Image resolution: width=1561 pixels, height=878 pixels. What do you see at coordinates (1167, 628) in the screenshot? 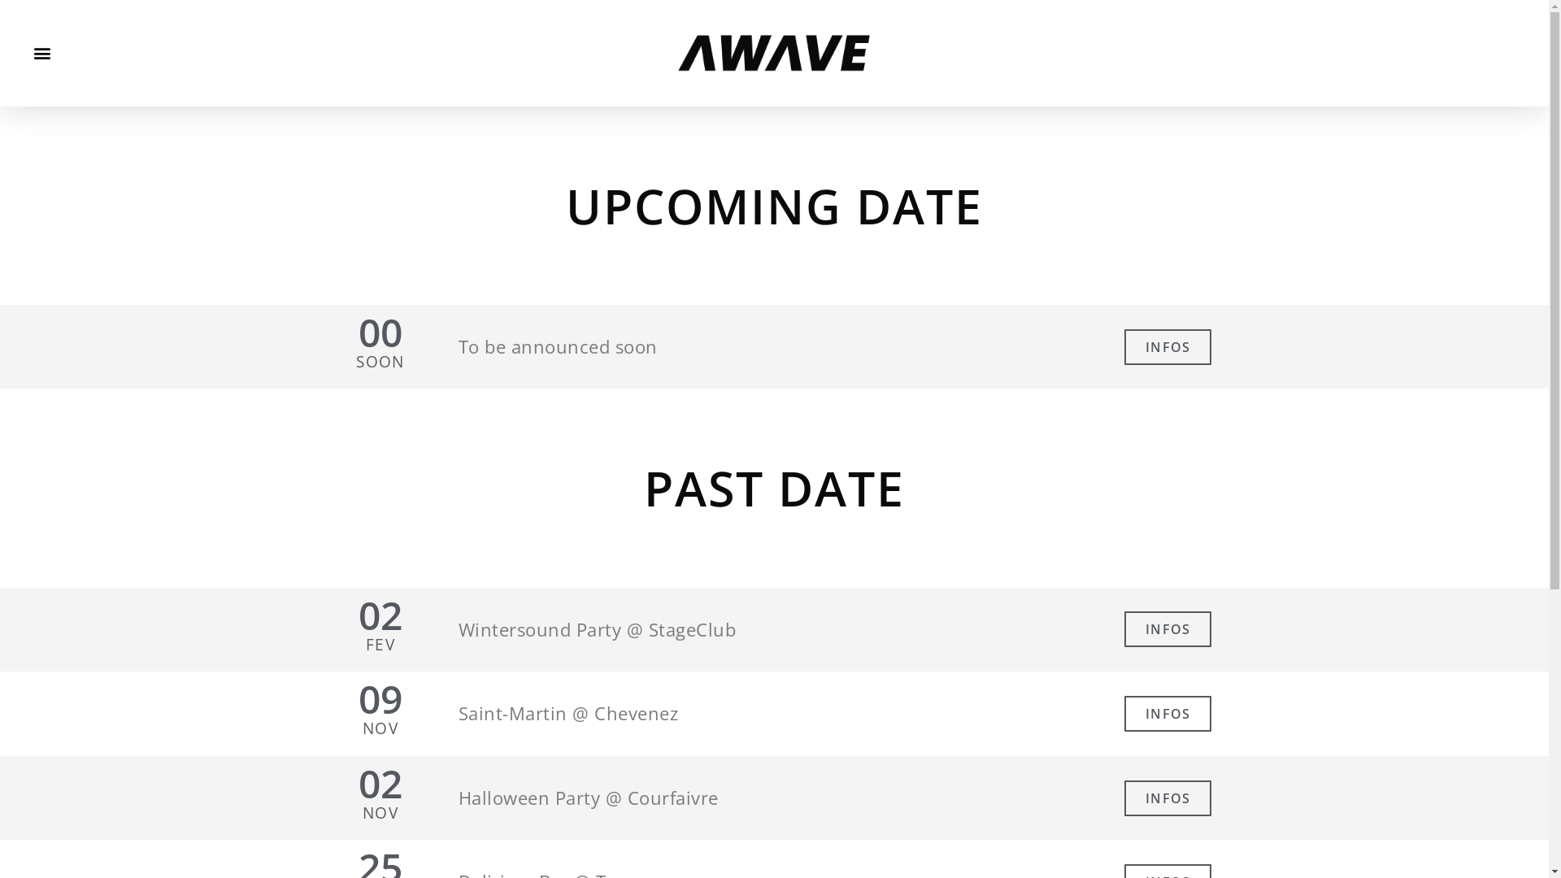
I see `'INFOS'` at bounding box center [1167, 628].